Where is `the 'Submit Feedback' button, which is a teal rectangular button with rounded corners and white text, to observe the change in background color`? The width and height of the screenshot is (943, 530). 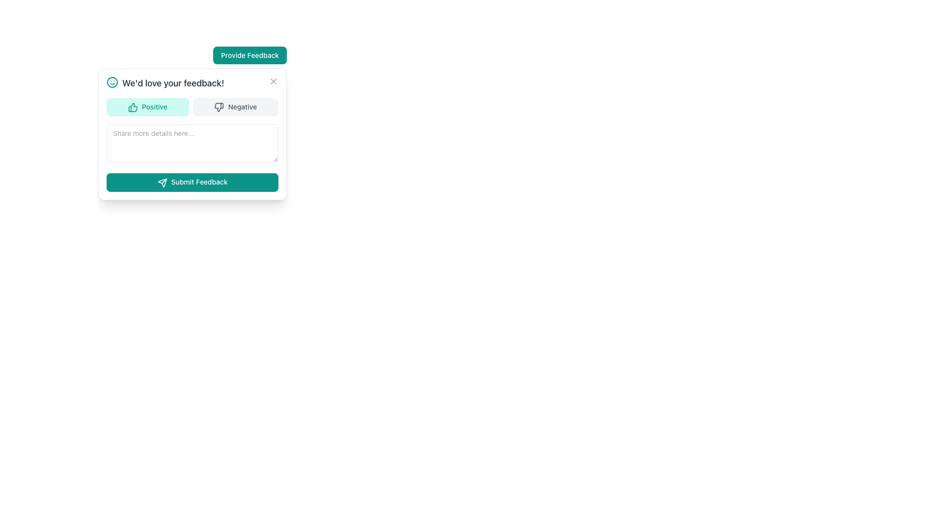 the 'Submit Feedback' button, which is a teal rectangular button with rounded corners and white text, to observe the change in background color is located at coordinates (193, 182).